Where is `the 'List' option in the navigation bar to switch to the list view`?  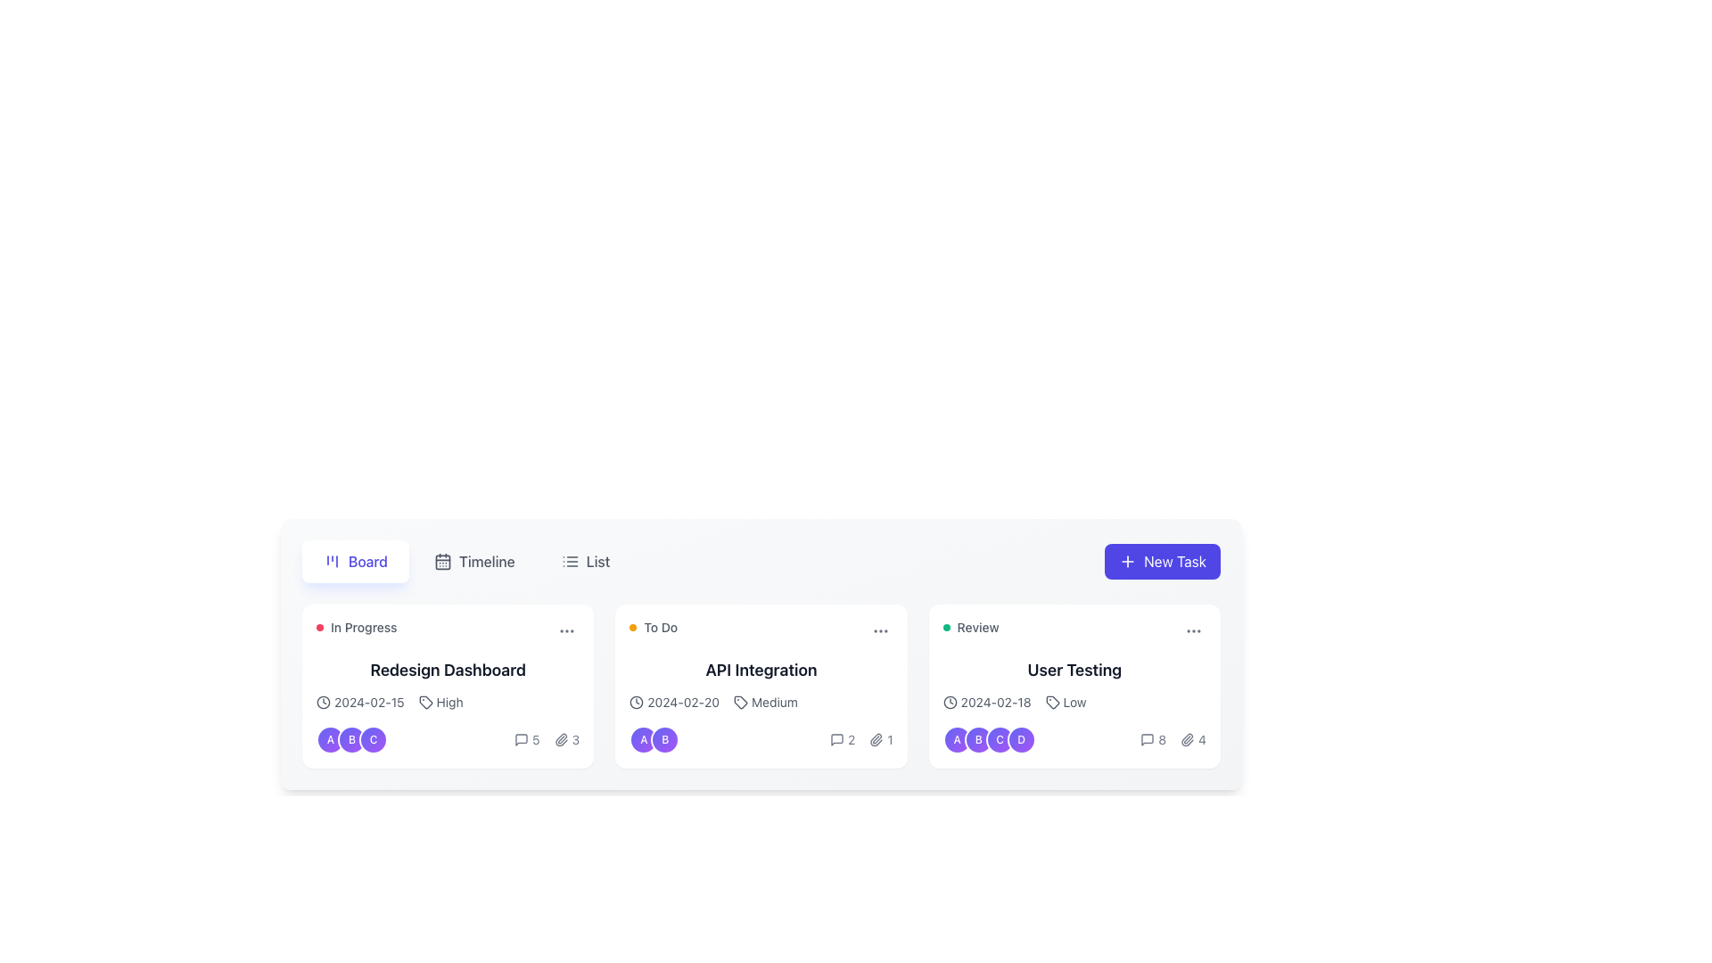 the 'List' option in the navigation bar to switch to the list view is located at coordinates (761, 560).